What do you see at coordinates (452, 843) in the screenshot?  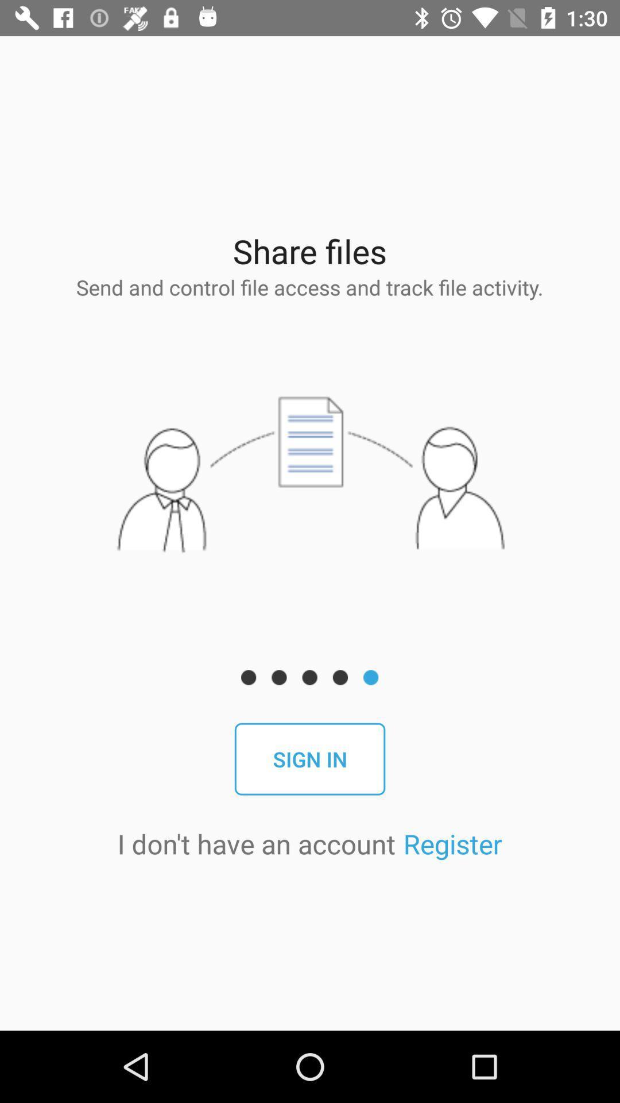 I see `the icon to the right of i don t` at bounding box center [452, 843].